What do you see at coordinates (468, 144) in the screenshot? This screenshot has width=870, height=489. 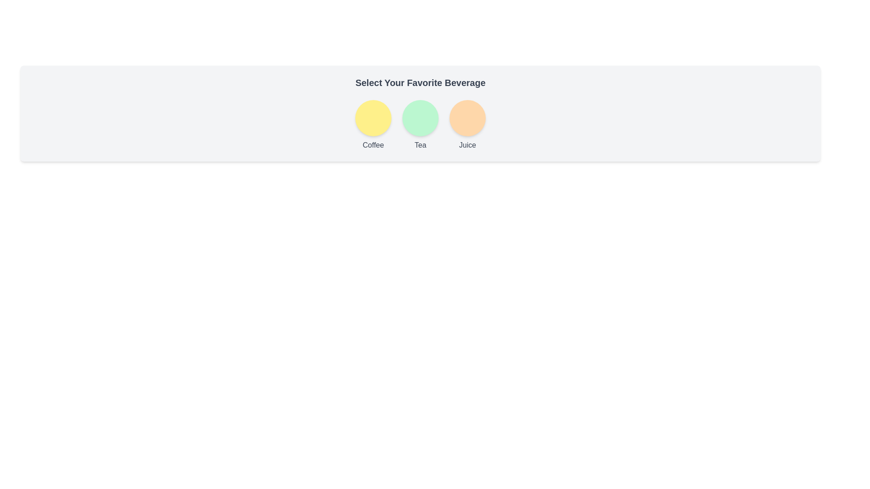 I see `the text label that identifies the beverage option, located centrally below the orange circular icon, which is the rightmost label among three beverage selections` at bounding box center [468, 144].